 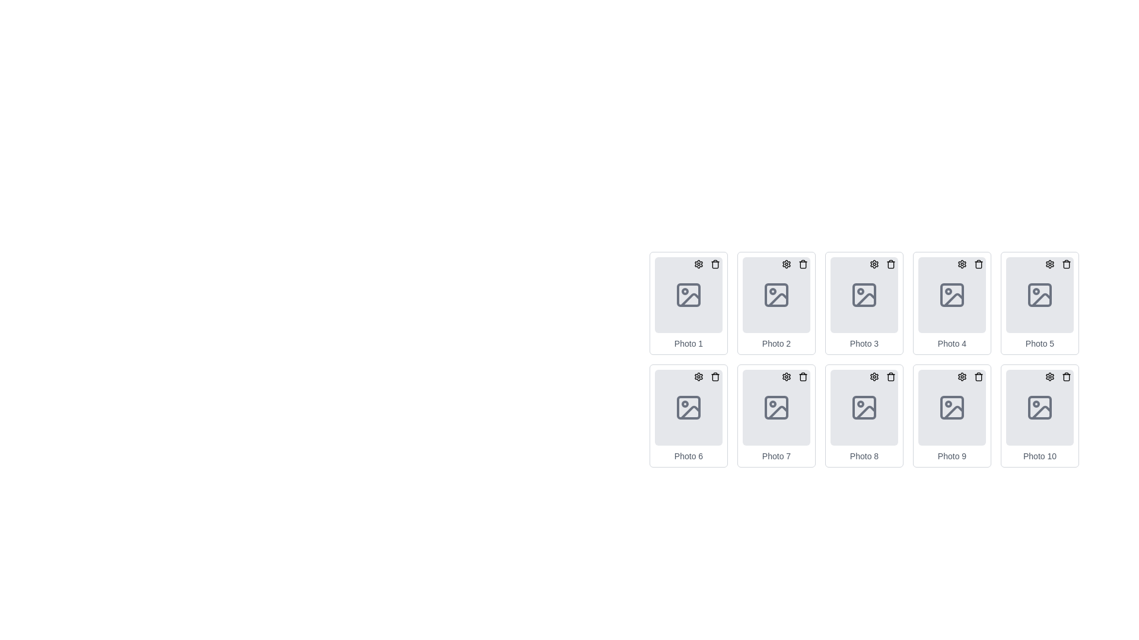 What do you see at coordinates (714, 377) in the screenshot?
I see `the delete icon button for 'Photo 6'` at bounding box center [714, 377].